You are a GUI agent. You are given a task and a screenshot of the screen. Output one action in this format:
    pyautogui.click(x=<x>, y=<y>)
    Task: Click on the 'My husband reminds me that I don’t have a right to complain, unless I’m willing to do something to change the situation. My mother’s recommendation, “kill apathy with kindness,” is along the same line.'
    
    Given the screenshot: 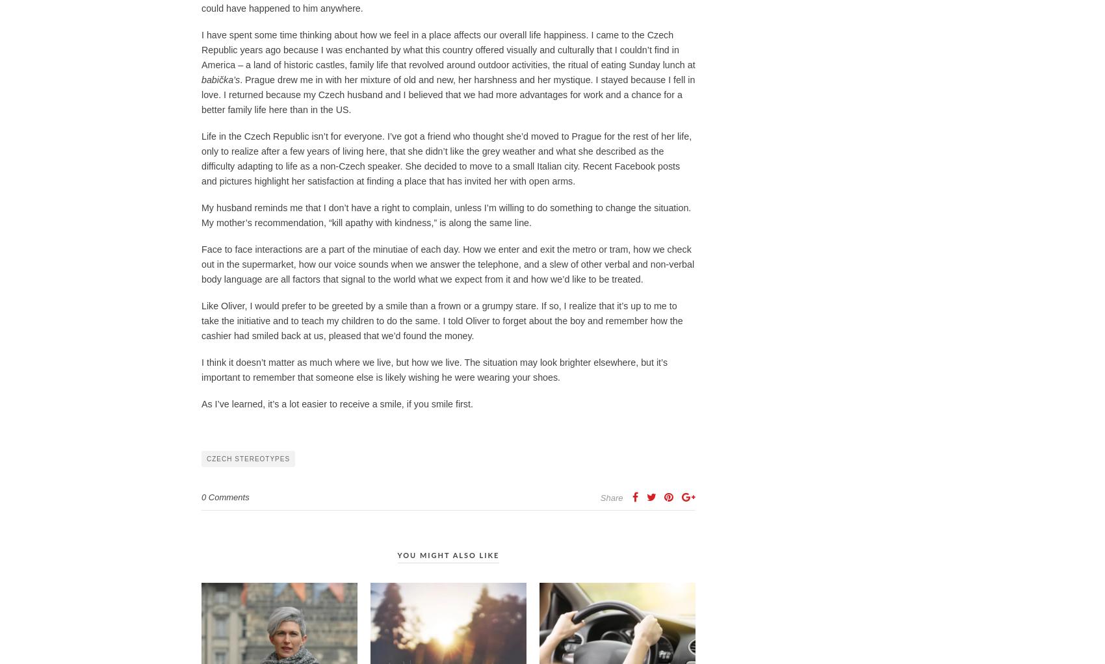 What is the action you would take?
    pyautogui.click(x=446, y=214)
    